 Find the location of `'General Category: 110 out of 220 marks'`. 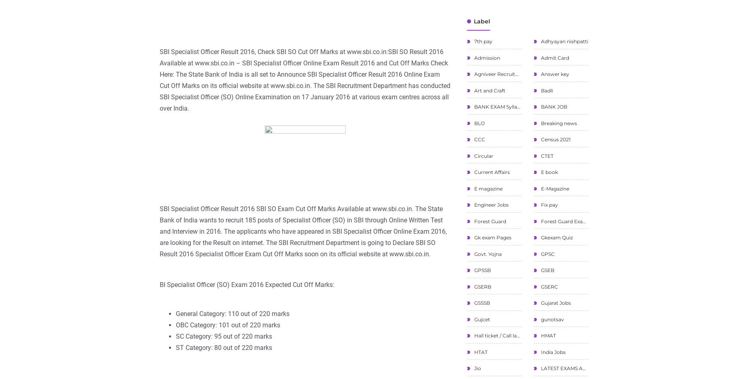

'General Category: 110 out of 220 marks' is located at coordinates (175, 313).